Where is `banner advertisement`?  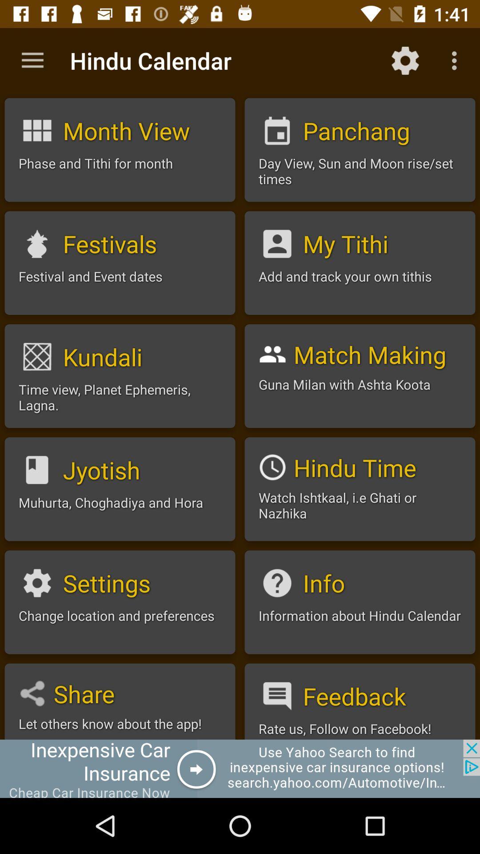 banner advertisement is located at coordinates (240, 768).